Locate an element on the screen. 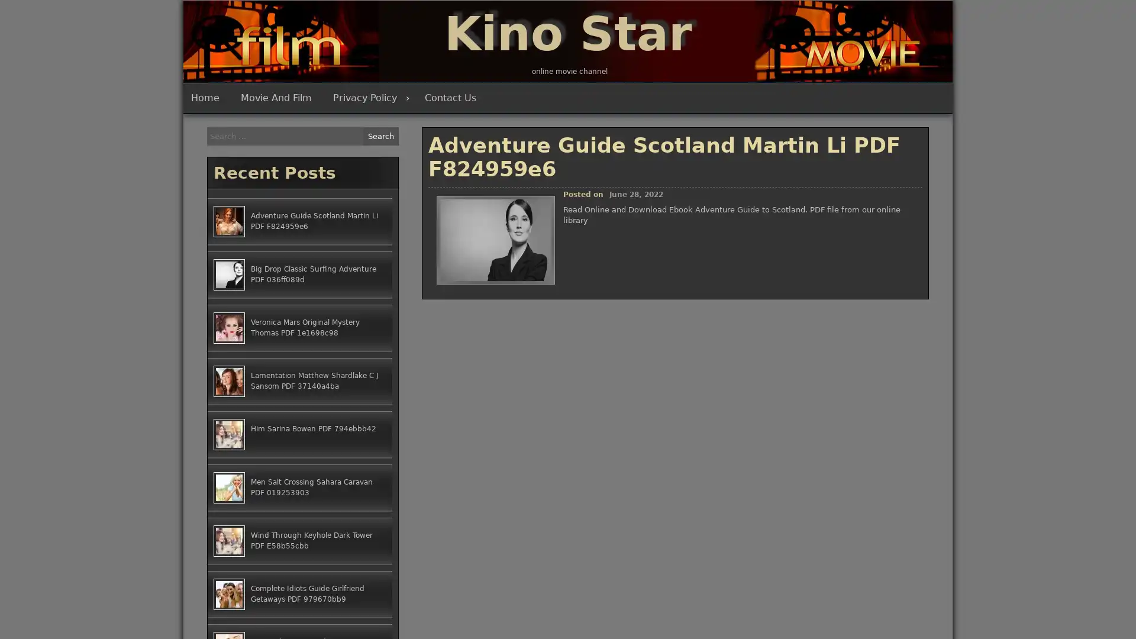  Search is located at coordinates (380, 135).